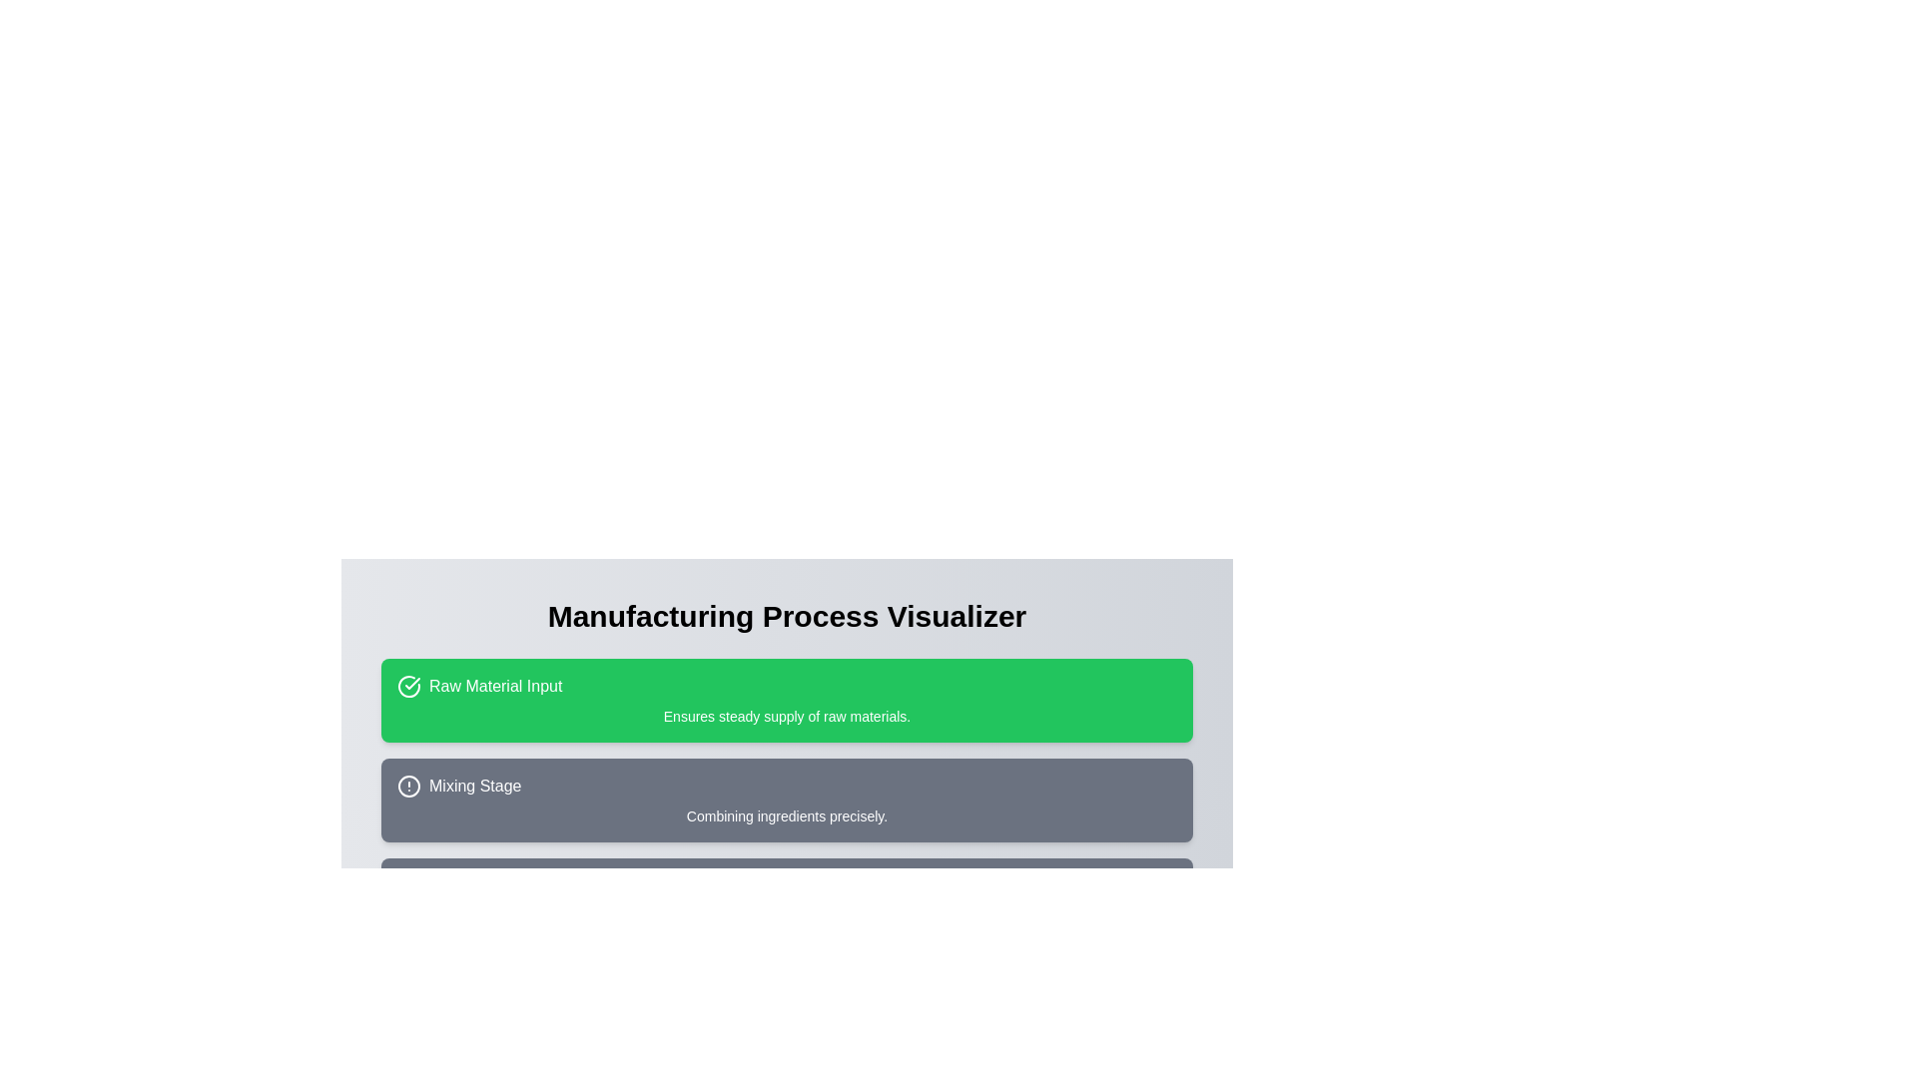 The image size is (1917, 1078). Describe the element at coordinates (407, 685) in the screenshot. I see `the icon that indicates the successful completion of the 'Raw Material Input' stage, located to the left of the 'Raw Material Input' text within a green rectangular section` at that location.